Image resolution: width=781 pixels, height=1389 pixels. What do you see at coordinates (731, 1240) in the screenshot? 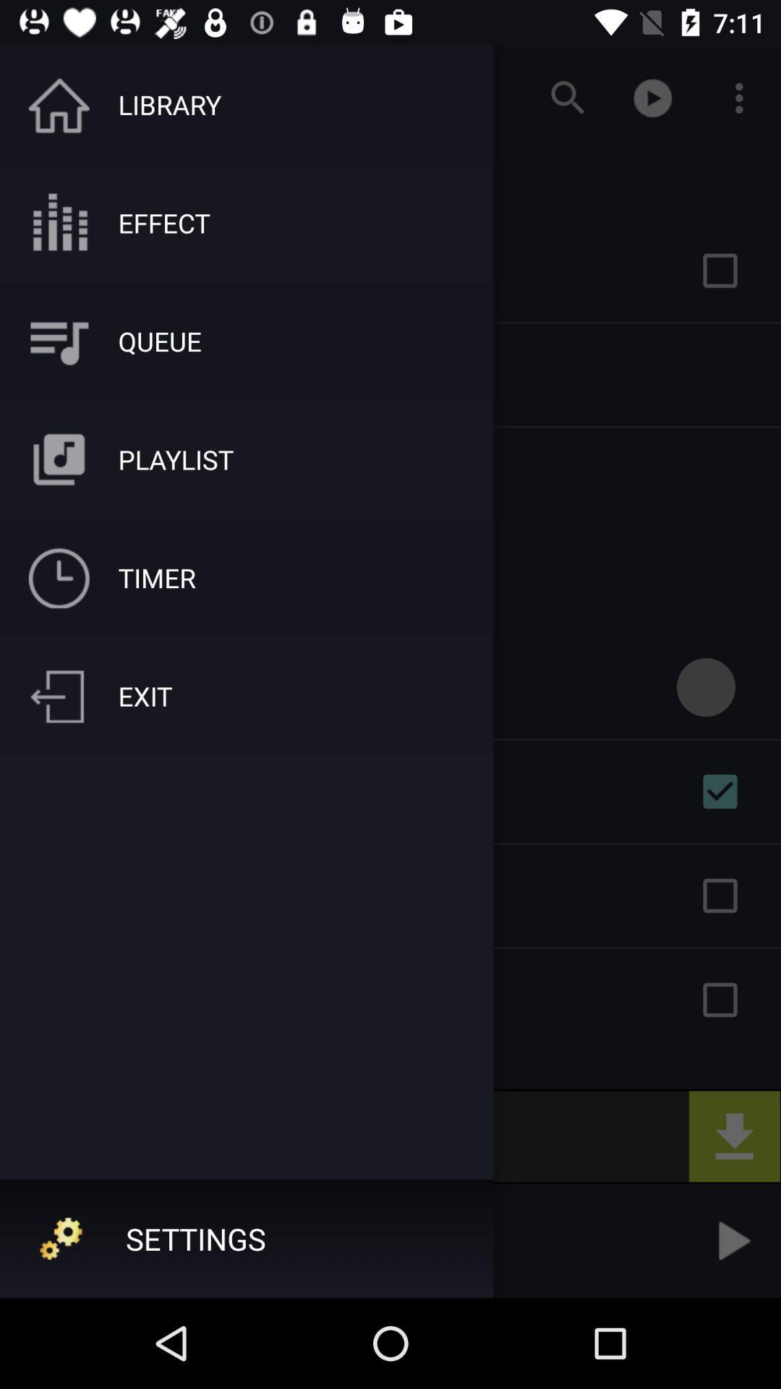
I see `the play icon` at bounding box center [731, 1240].